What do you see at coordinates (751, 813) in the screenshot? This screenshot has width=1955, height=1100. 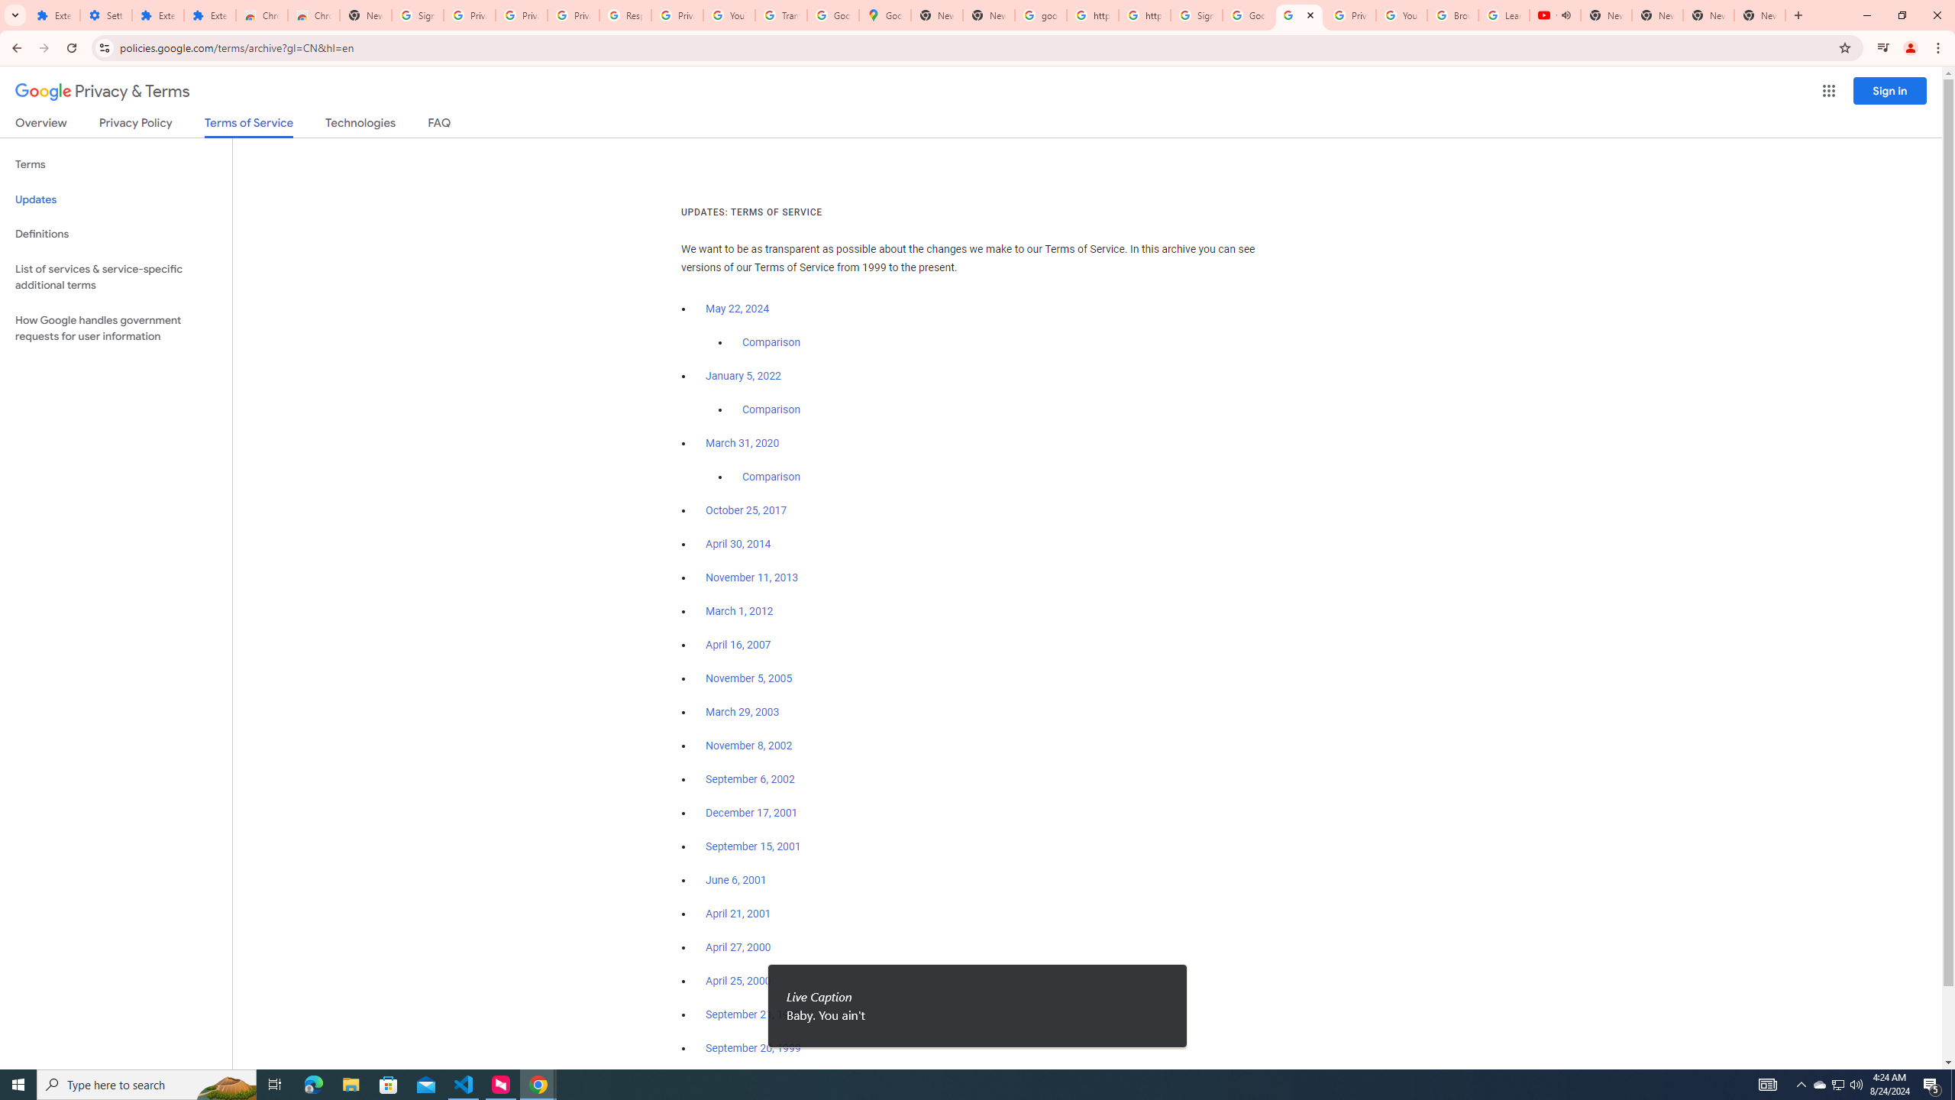 I see `'December 17, 2001'` at bounding box center [751, 813].